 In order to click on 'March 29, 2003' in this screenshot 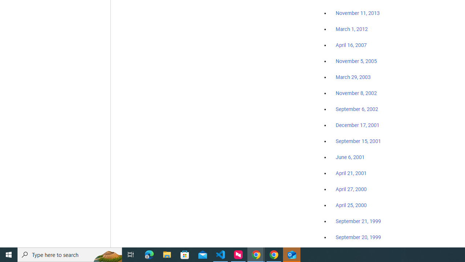, I will do `click(353, 77)`.